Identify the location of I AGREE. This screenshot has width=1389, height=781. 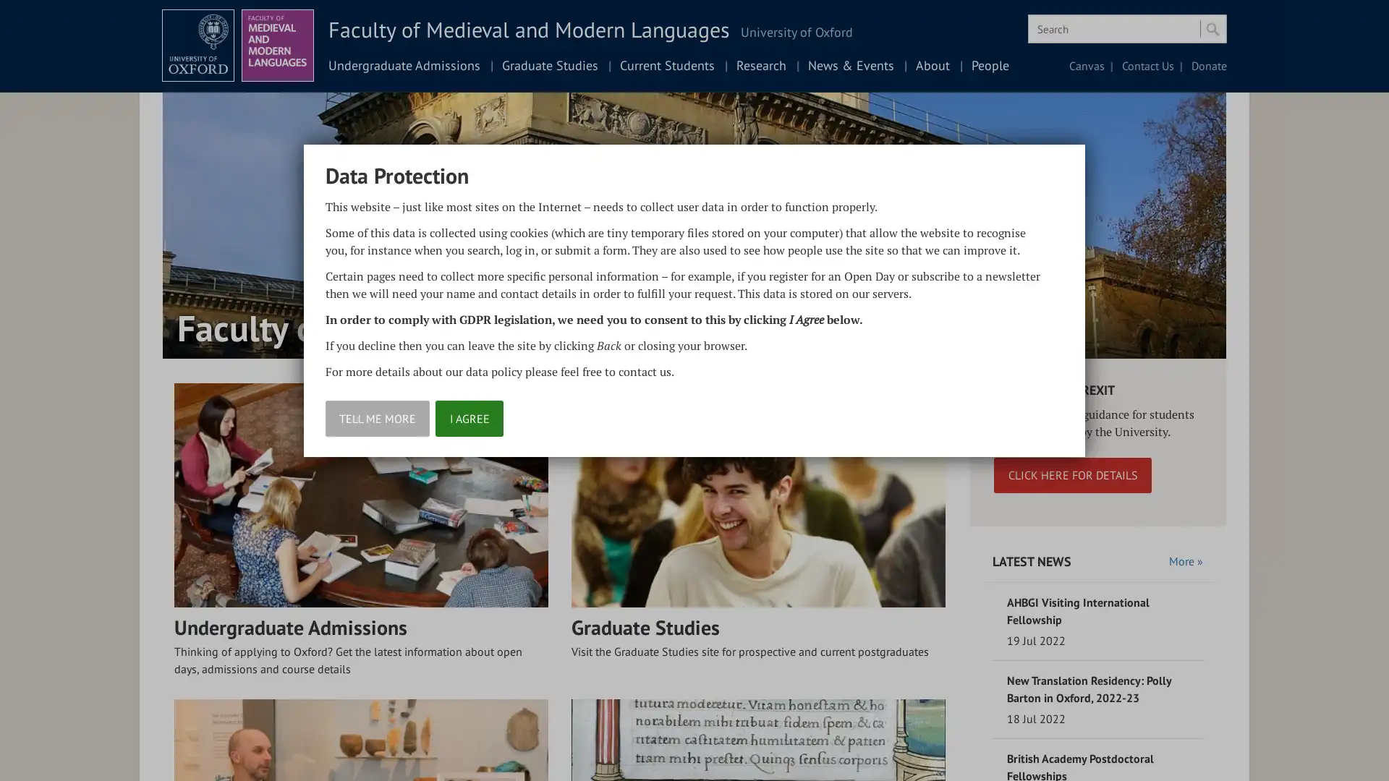
(469, 418).